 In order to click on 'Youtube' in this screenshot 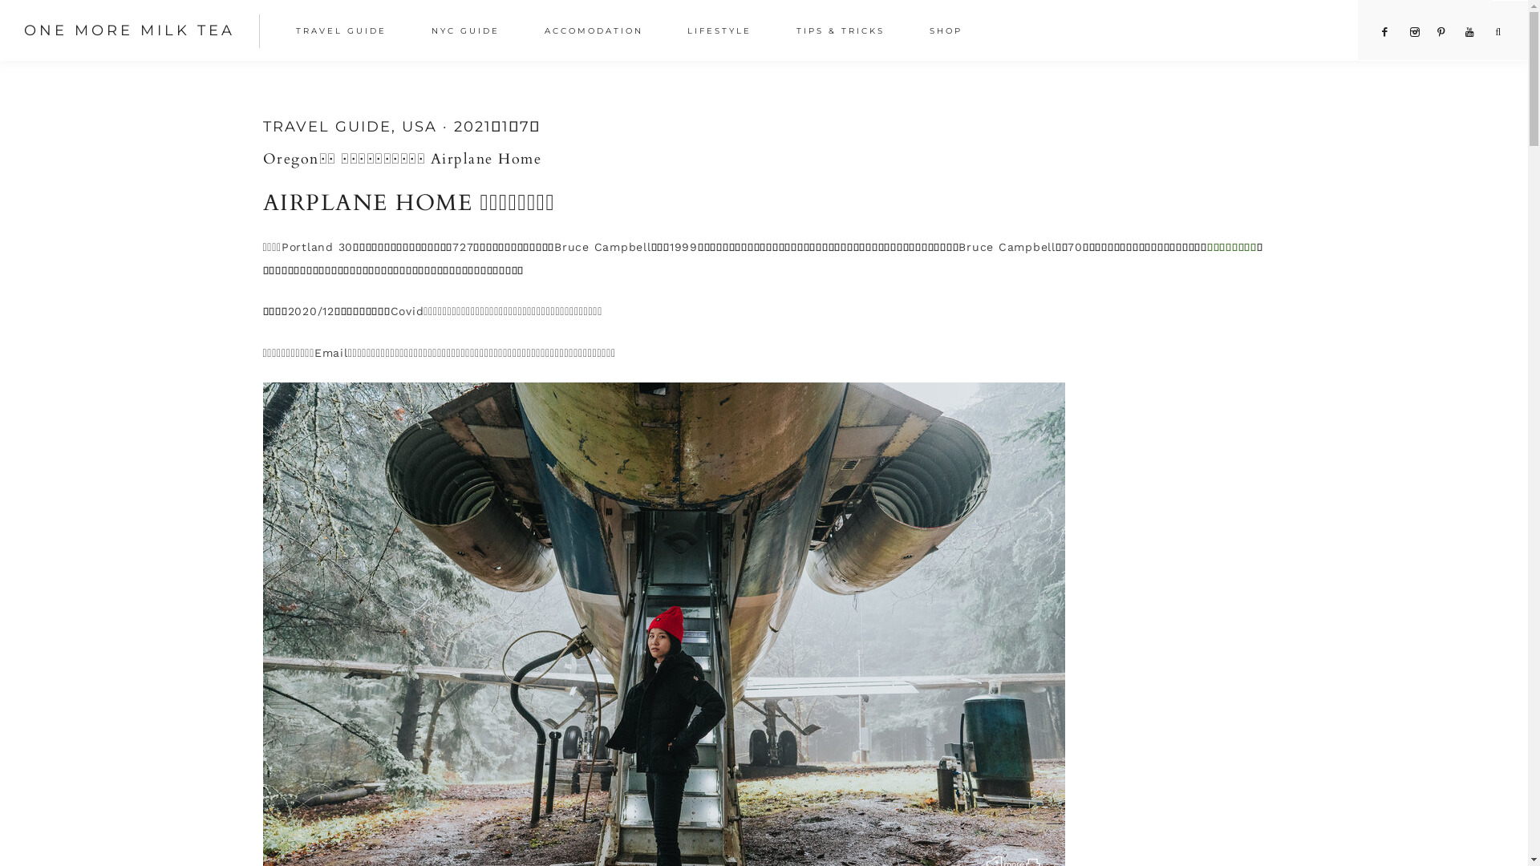, I will do `click(1469, 32)`.